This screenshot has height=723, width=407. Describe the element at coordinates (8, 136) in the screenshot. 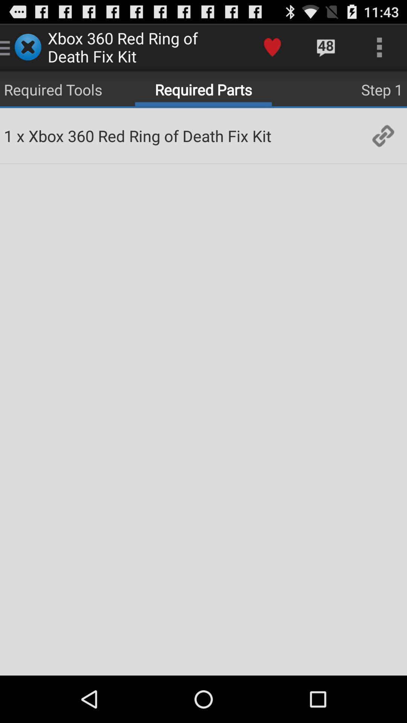

I see `app to the left of the x app` at that location.